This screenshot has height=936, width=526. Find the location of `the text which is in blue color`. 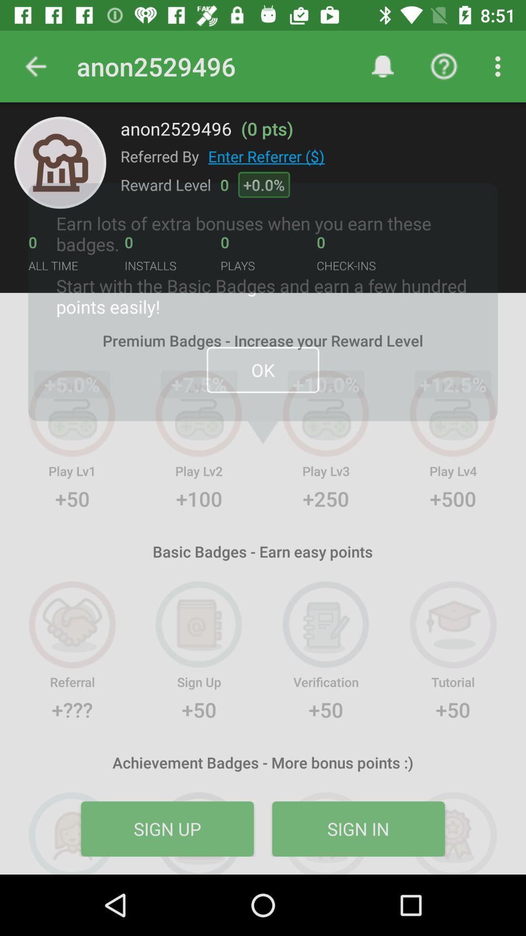

the text which is in blue color is located at coordinates (266, 156).